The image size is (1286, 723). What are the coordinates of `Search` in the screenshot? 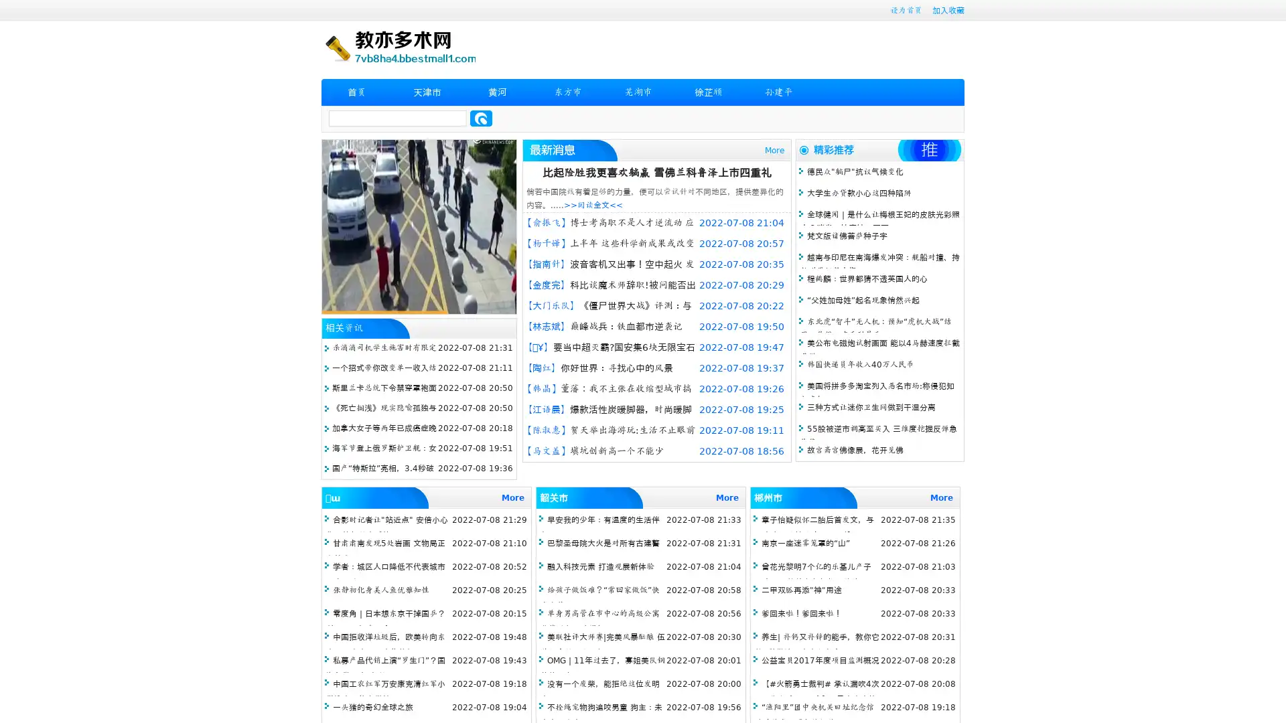 It's located at (481, 118).